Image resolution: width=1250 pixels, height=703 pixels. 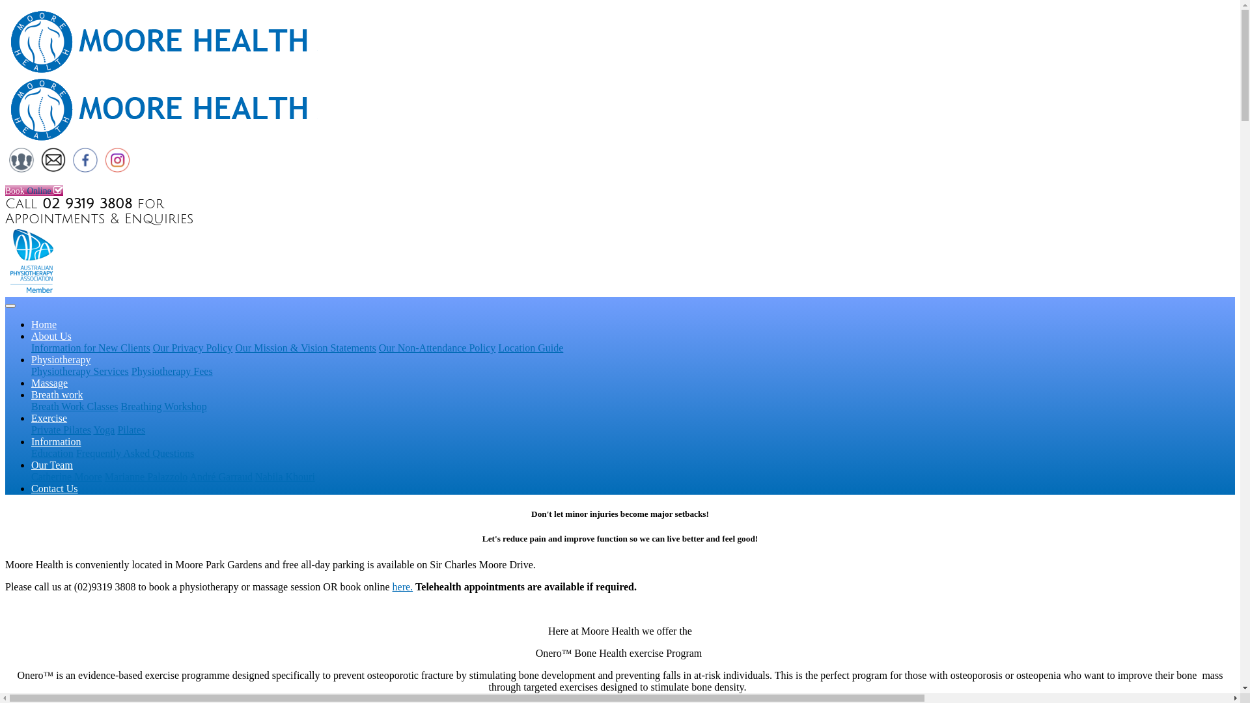 I want to click on 'Exercise', so click(x=49, y=418).